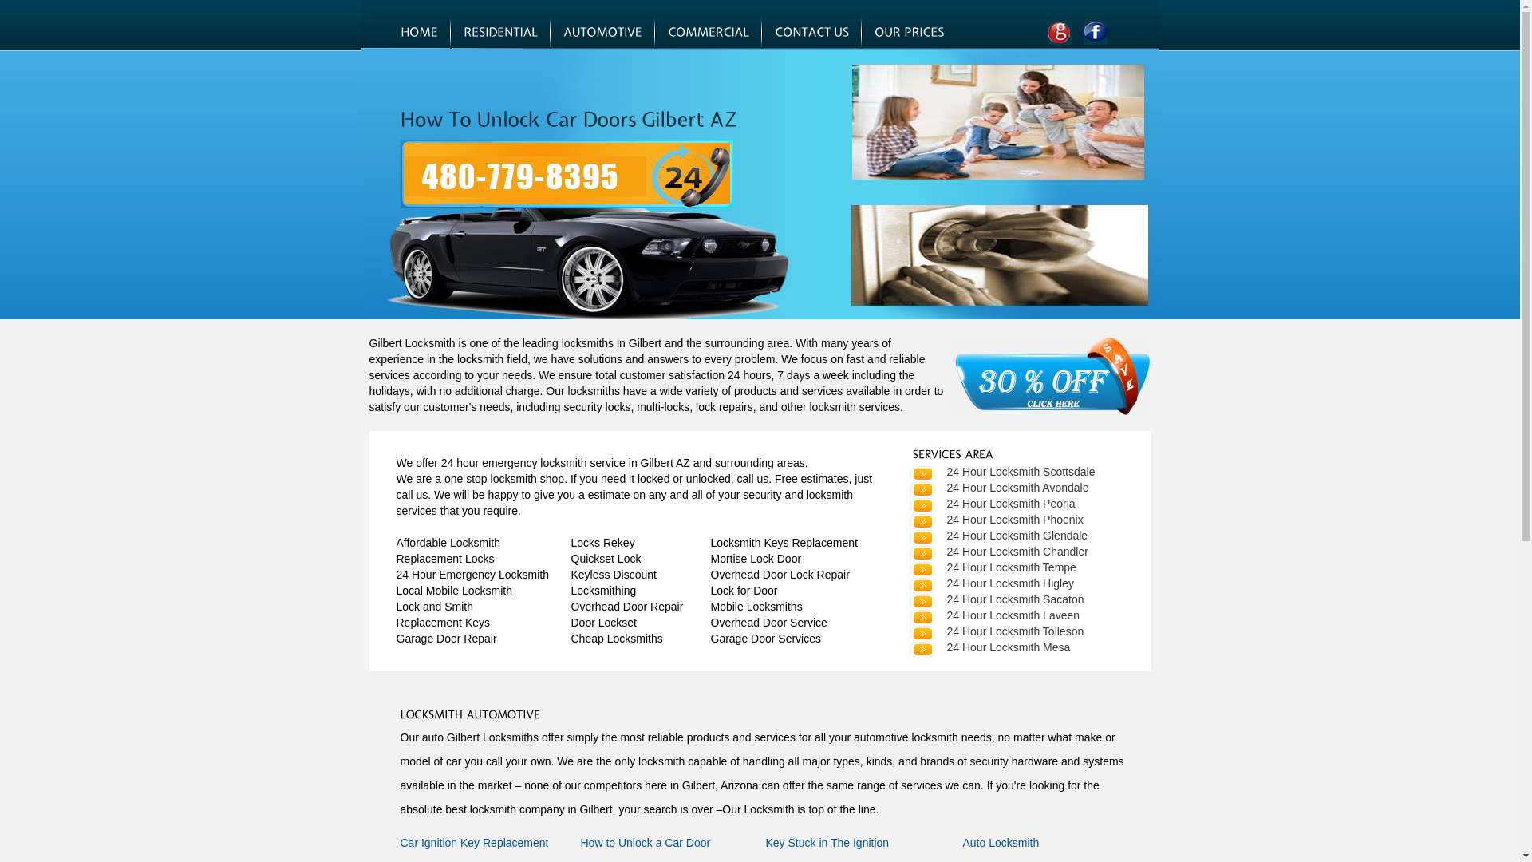 The height and width of the screenshot is (862, 1532). I want to click on '24 Hour Locksmith Chandler', so click(997, 550).